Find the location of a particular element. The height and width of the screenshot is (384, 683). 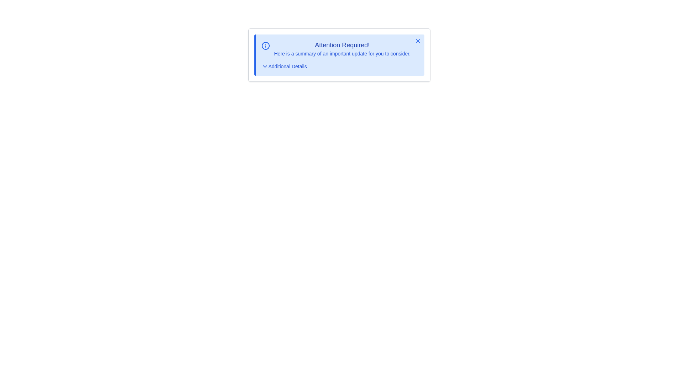

the interactive text with an icon located in the informational box titled 'Attention Required!' is located at coordinates (284, 66).